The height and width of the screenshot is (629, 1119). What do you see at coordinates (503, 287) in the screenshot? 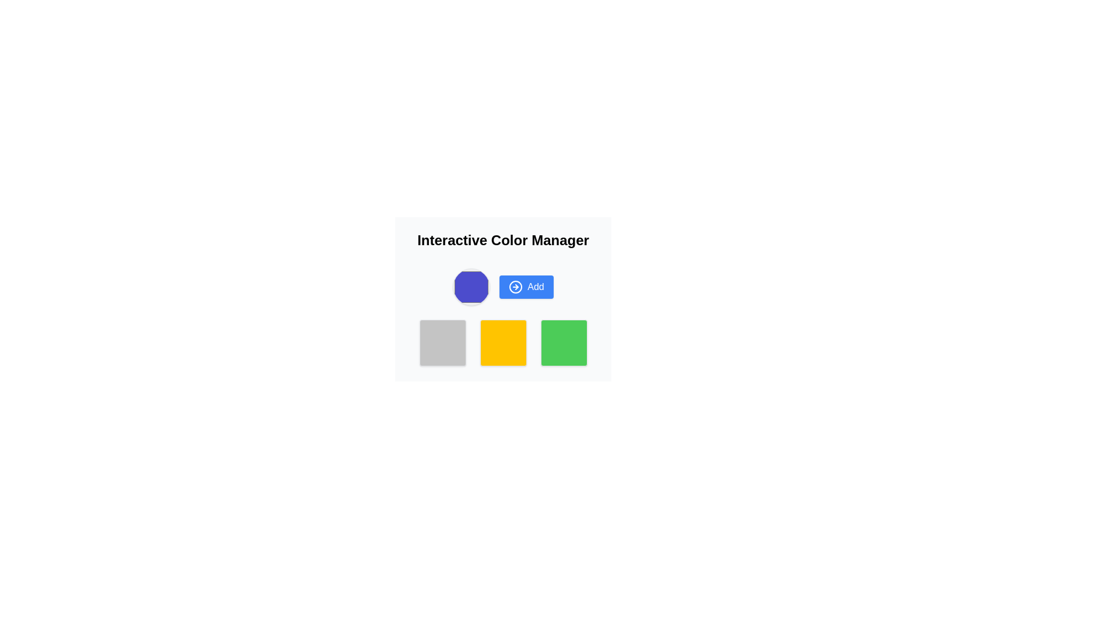
I see `the circular icon of the 'Add' button in the Interactive Color Manager` at bounding box center [503, 287].